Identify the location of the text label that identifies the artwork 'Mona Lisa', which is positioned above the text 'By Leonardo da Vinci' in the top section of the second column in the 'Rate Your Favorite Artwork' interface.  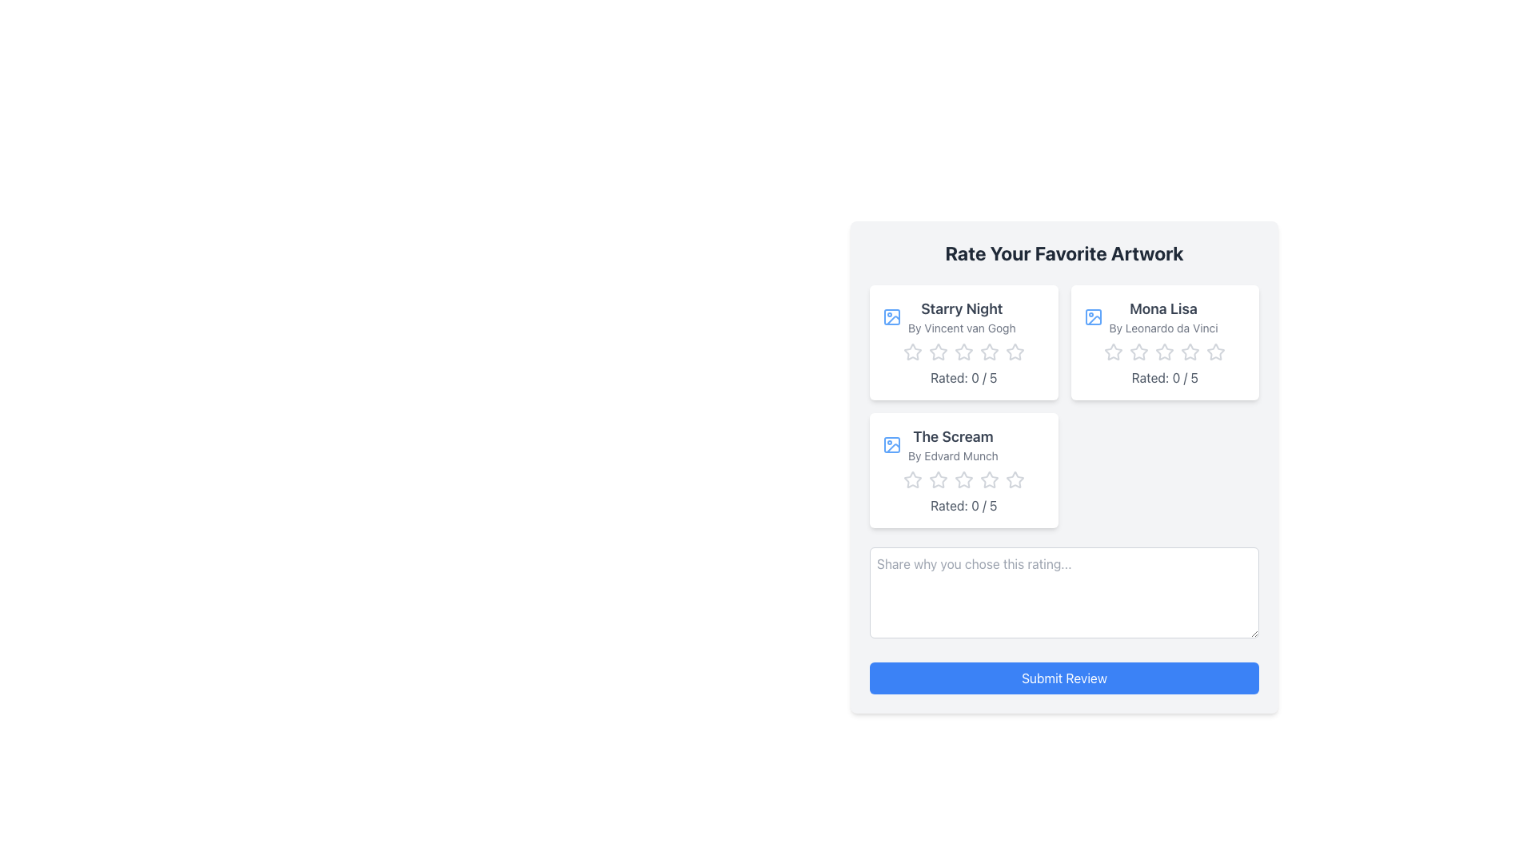
(1163, 308).